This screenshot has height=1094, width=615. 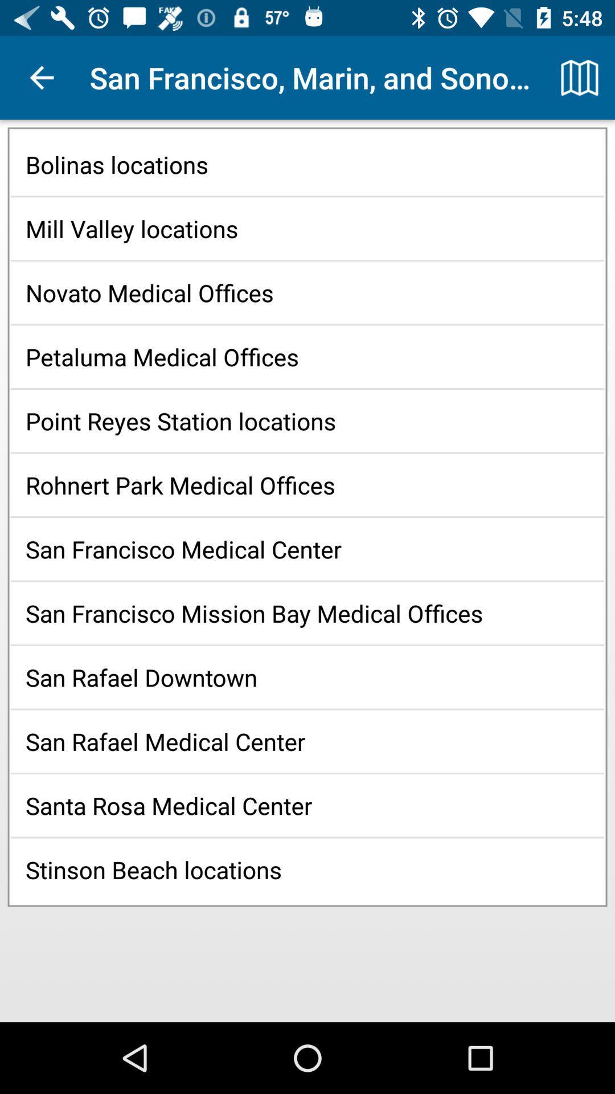 What do you see at coordinates (41, 77) in the screenshot?
I see `icon next to the san francisco marin app` at bounding box center [41, 77].